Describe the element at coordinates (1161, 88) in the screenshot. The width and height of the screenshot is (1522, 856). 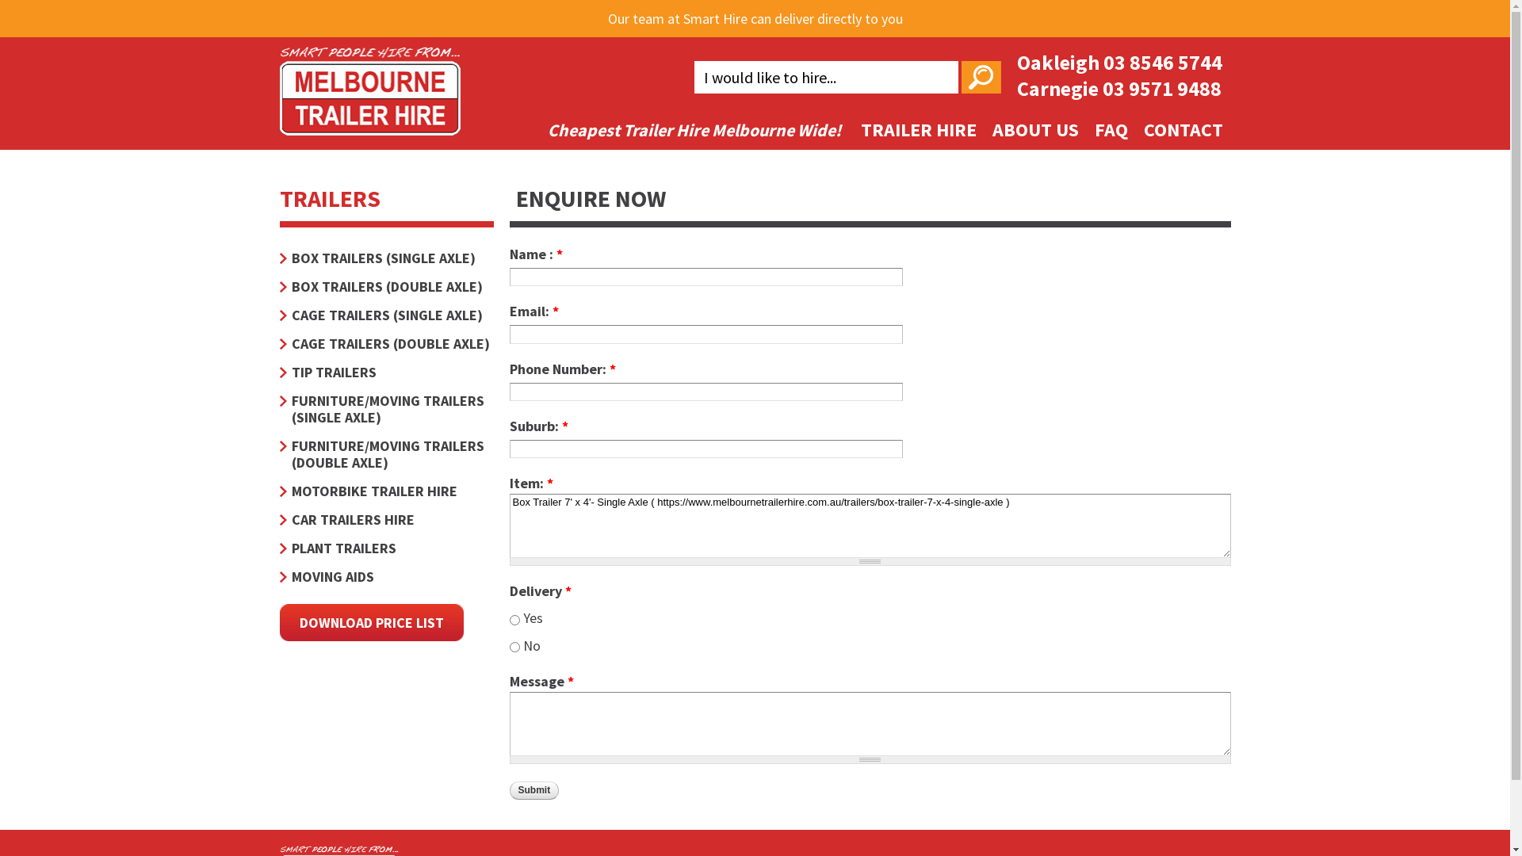
I see `'03 9571 9488'` at that location.